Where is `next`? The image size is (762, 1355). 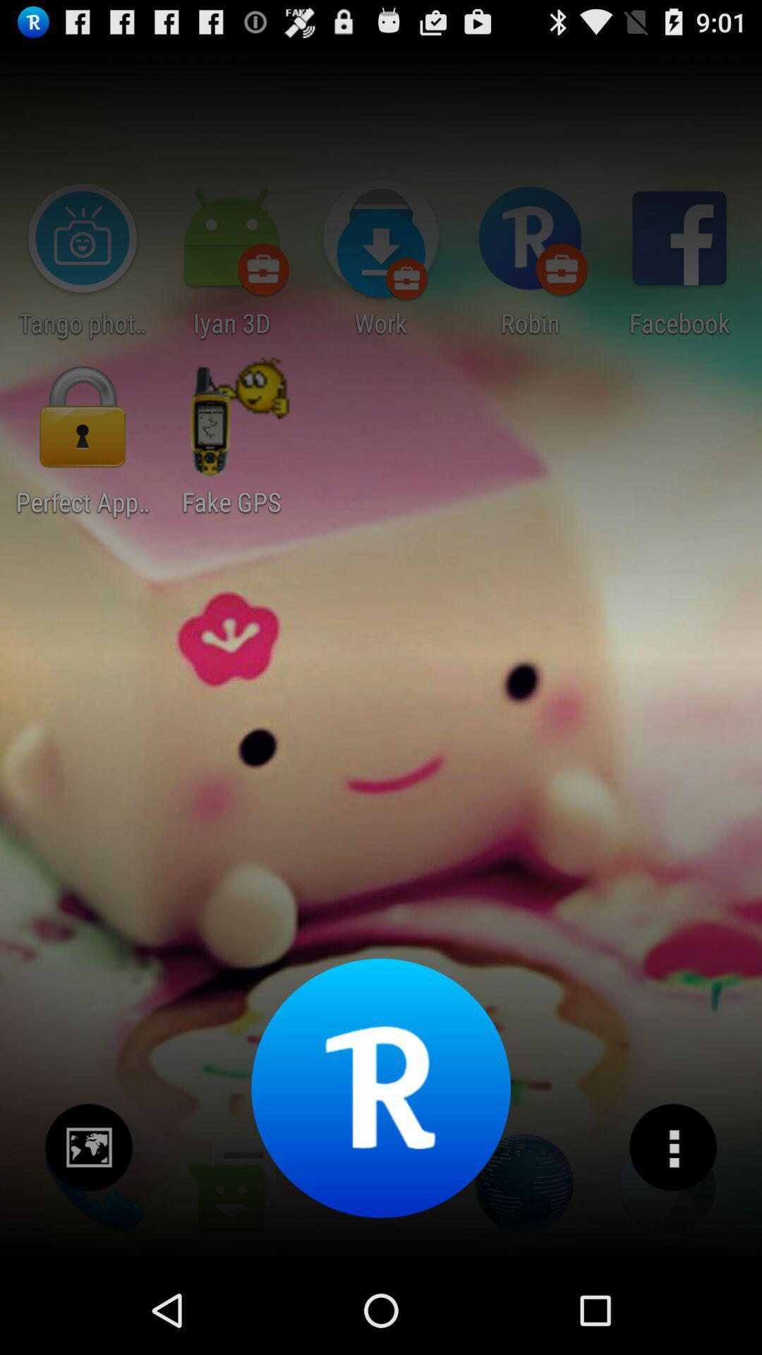 next is located at coordinates (89, 1148).